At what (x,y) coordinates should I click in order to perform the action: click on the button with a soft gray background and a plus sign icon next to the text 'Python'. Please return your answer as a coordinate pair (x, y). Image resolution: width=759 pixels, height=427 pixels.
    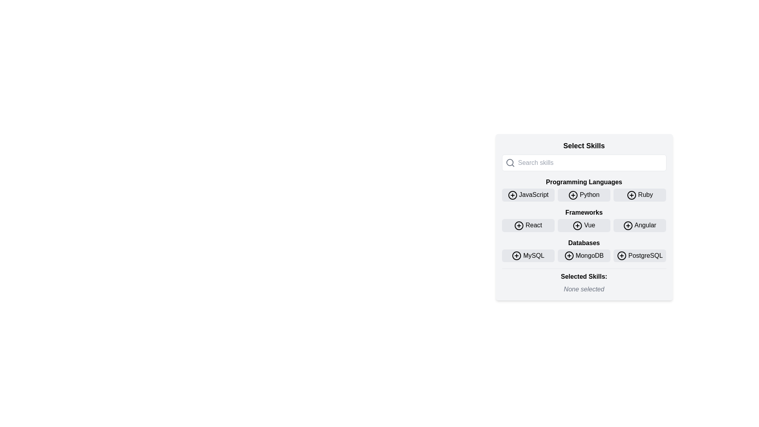
    Looking at the image, I should click on (584, 195).